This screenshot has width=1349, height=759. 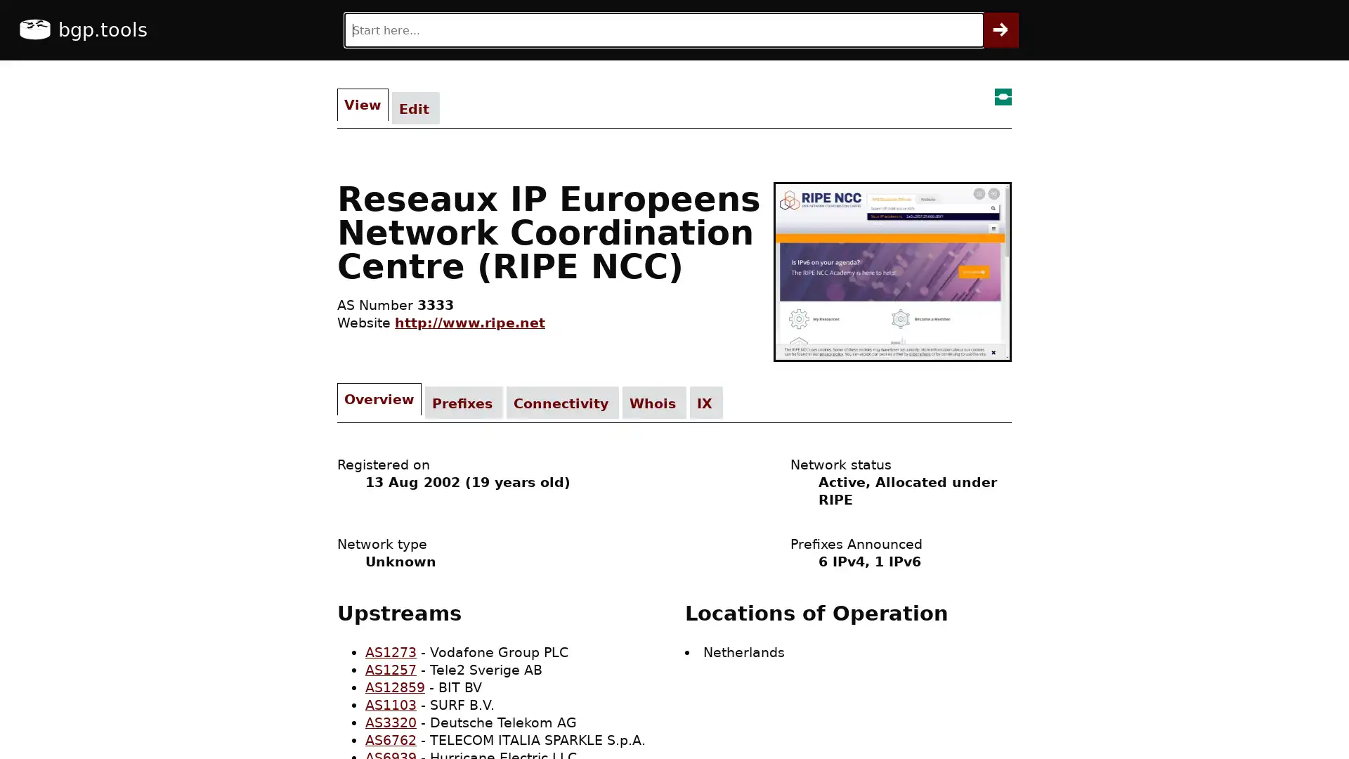 What do you see at coordinates (1001, 30) in the screenshot?
I see `Search` at bounding box center [1001, 30].